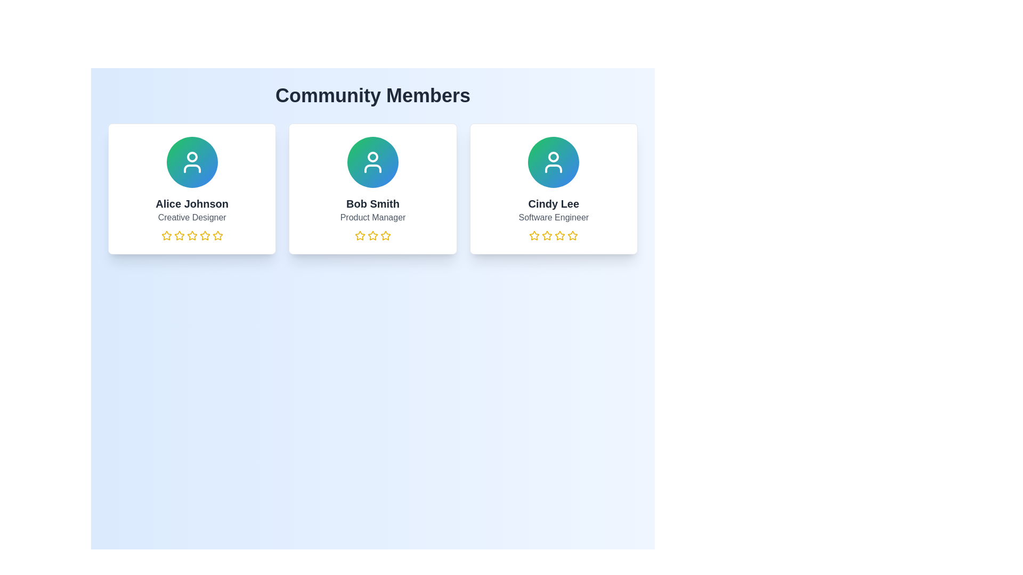 The height and width of the screenshot is (575, 1023). Describe the element at coordinates (572, 235) in the screenshot. I see `the third rating star icon in the Community Members section for 'Cindy Lee - Software Engineer' to set the corresponding rating` at that location.